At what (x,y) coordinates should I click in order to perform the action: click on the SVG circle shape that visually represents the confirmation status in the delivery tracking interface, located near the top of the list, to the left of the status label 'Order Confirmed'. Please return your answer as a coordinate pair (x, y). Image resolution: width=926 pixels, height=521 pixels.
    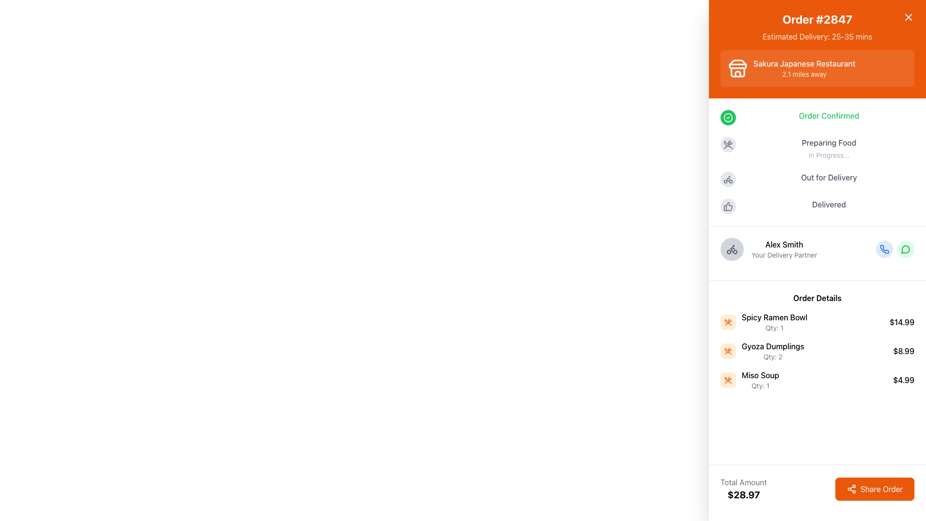
    Looking at the image, I should click on (728, 117).